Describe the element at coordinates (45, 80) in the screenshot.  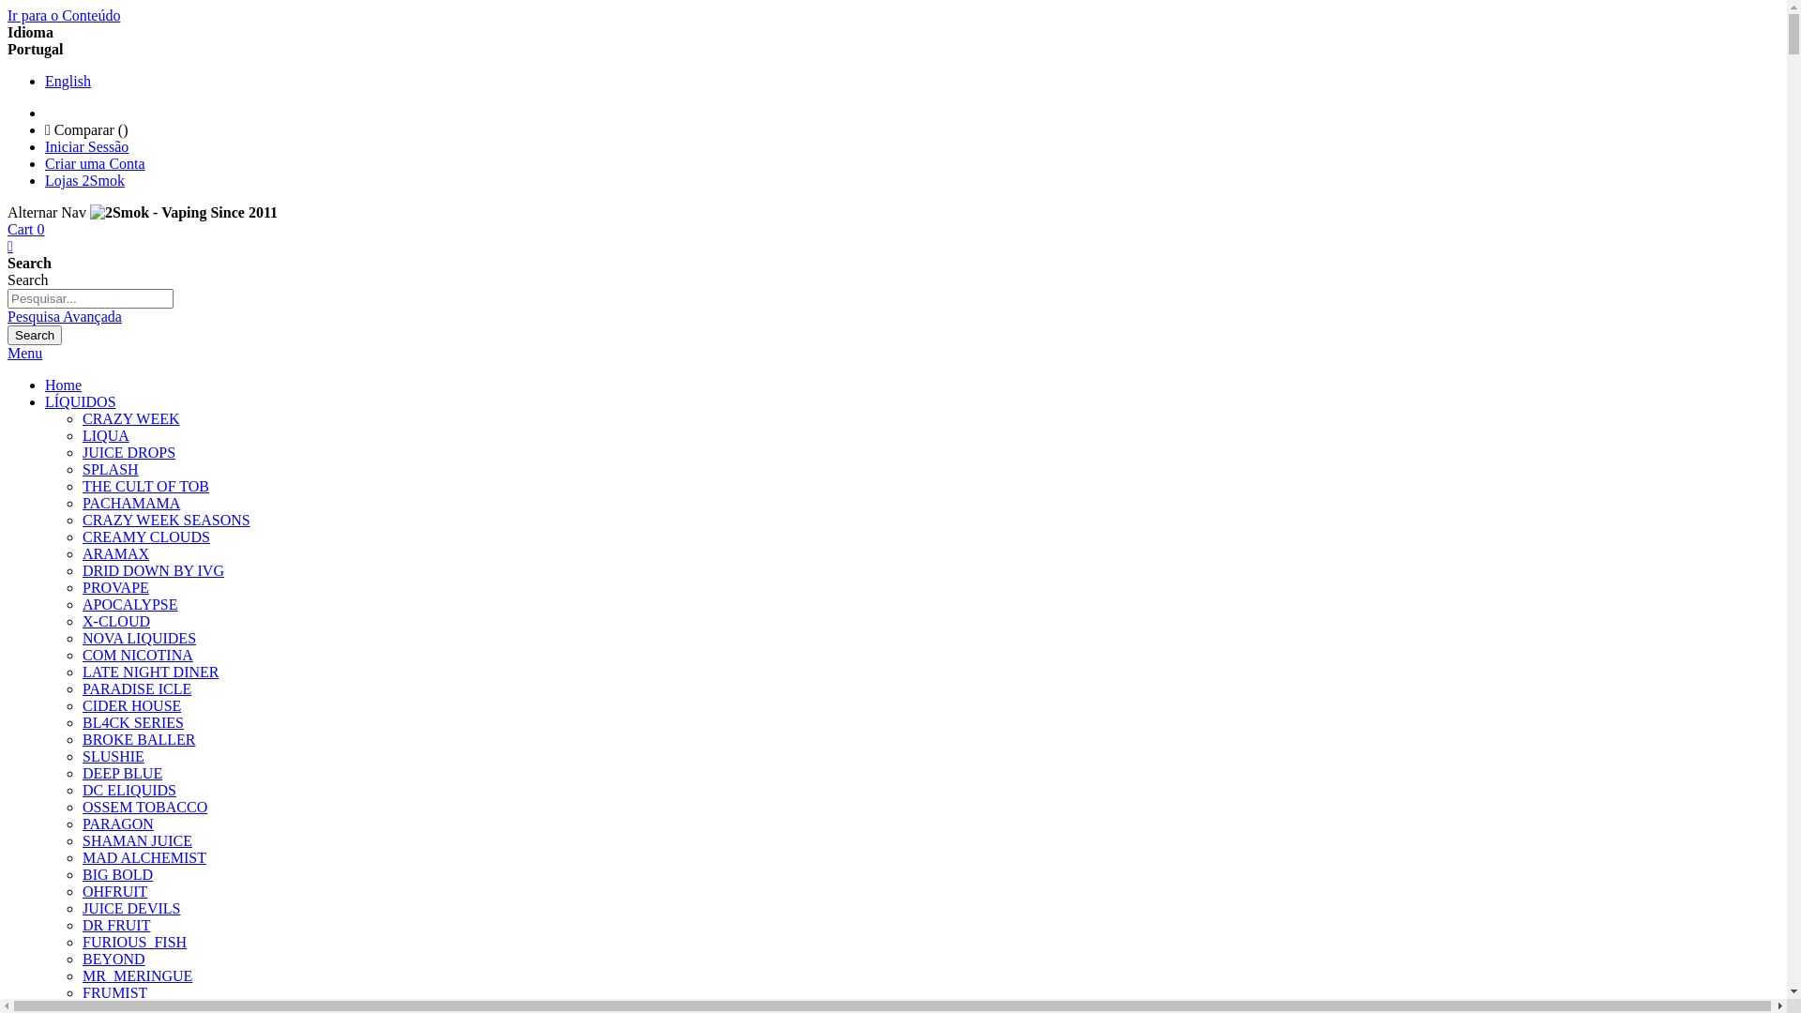
I see `'English'` at that location.